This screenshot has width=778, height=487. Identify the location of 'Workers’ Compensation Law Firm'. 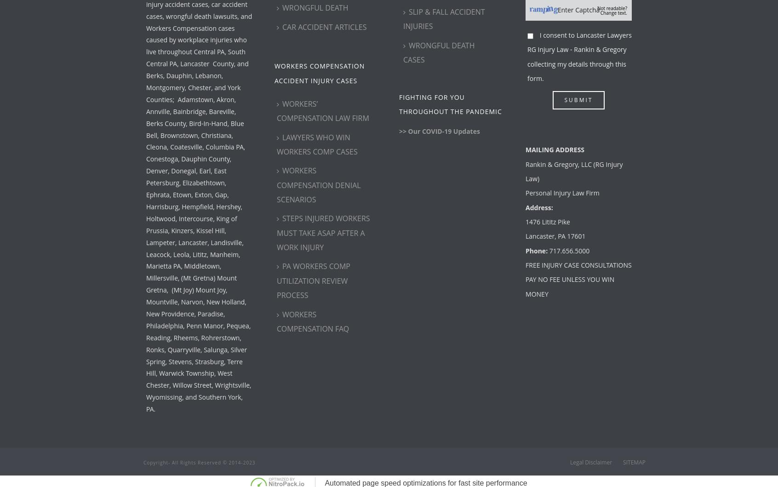
(323, 111).